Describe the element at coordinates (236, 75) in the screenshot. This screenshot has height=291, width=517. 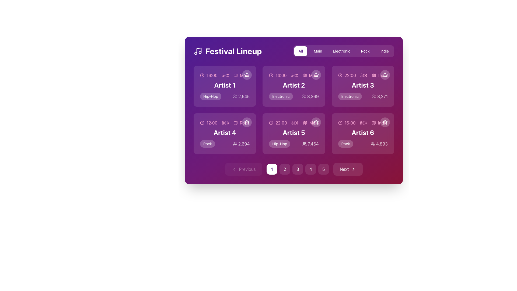
I see `the map icon styled as a small square symbol with a map diagram inside, located to the right of the textual label '16:00•main'` at that location.